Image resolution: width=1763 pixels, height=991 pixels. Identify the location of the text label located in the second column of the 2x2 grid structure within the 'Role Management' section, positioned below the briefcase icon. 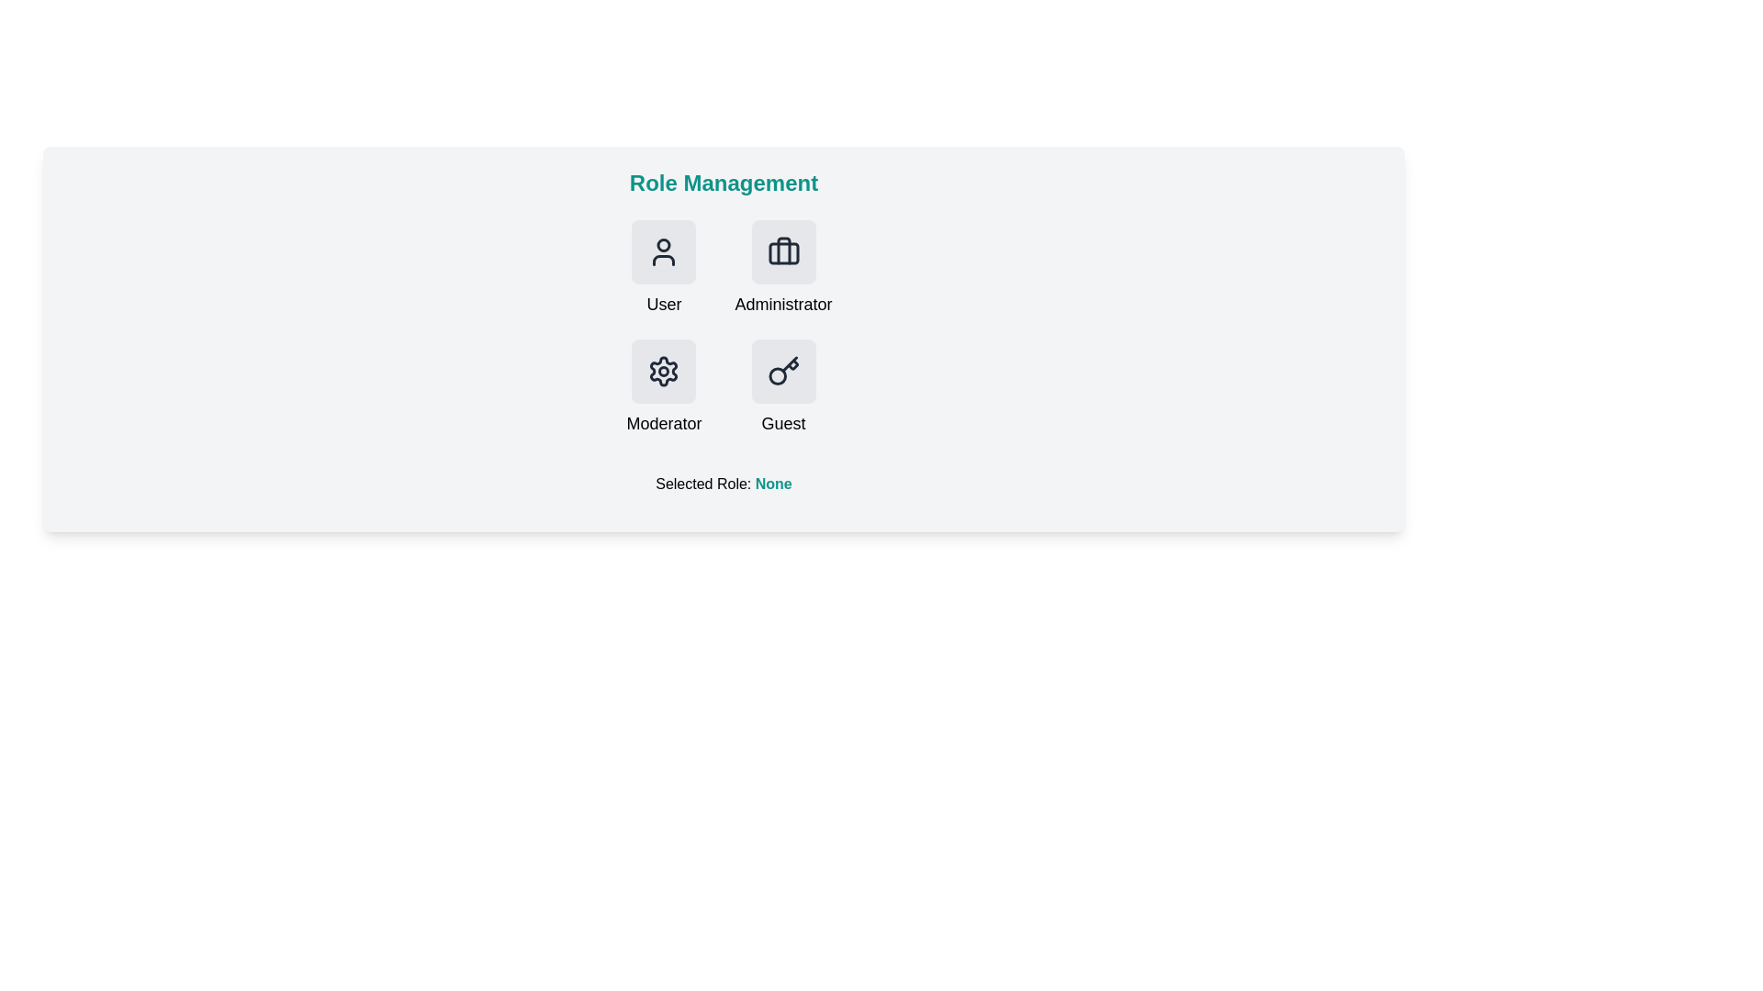
(783, 303).